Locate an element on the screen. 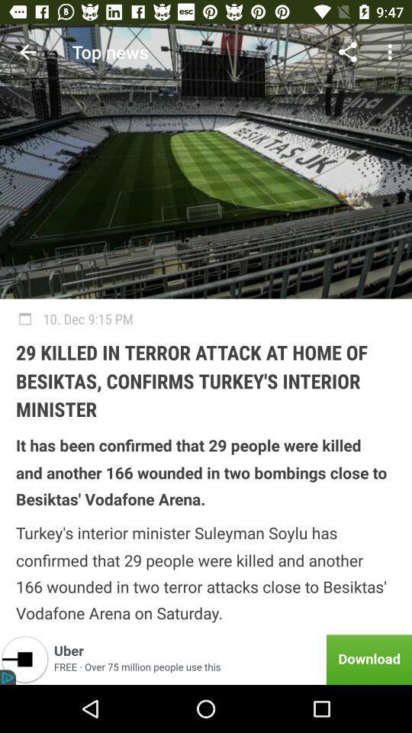 The height and width of the screenshot is (733, 412). icon above 10 dec 9 is located at coordinates (347, 52).